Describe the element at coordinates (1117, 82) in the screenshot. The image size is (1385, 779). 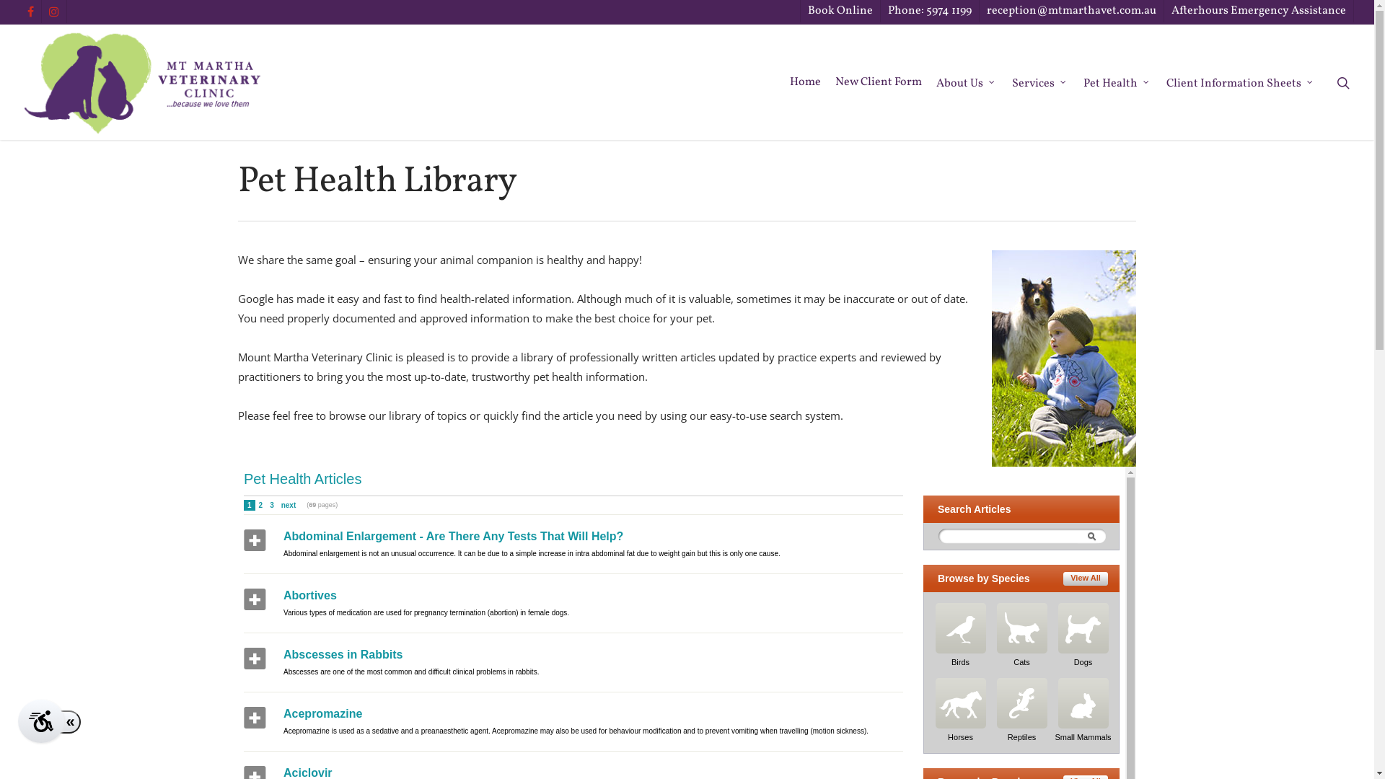
I see `'Pet Health'` at that location.